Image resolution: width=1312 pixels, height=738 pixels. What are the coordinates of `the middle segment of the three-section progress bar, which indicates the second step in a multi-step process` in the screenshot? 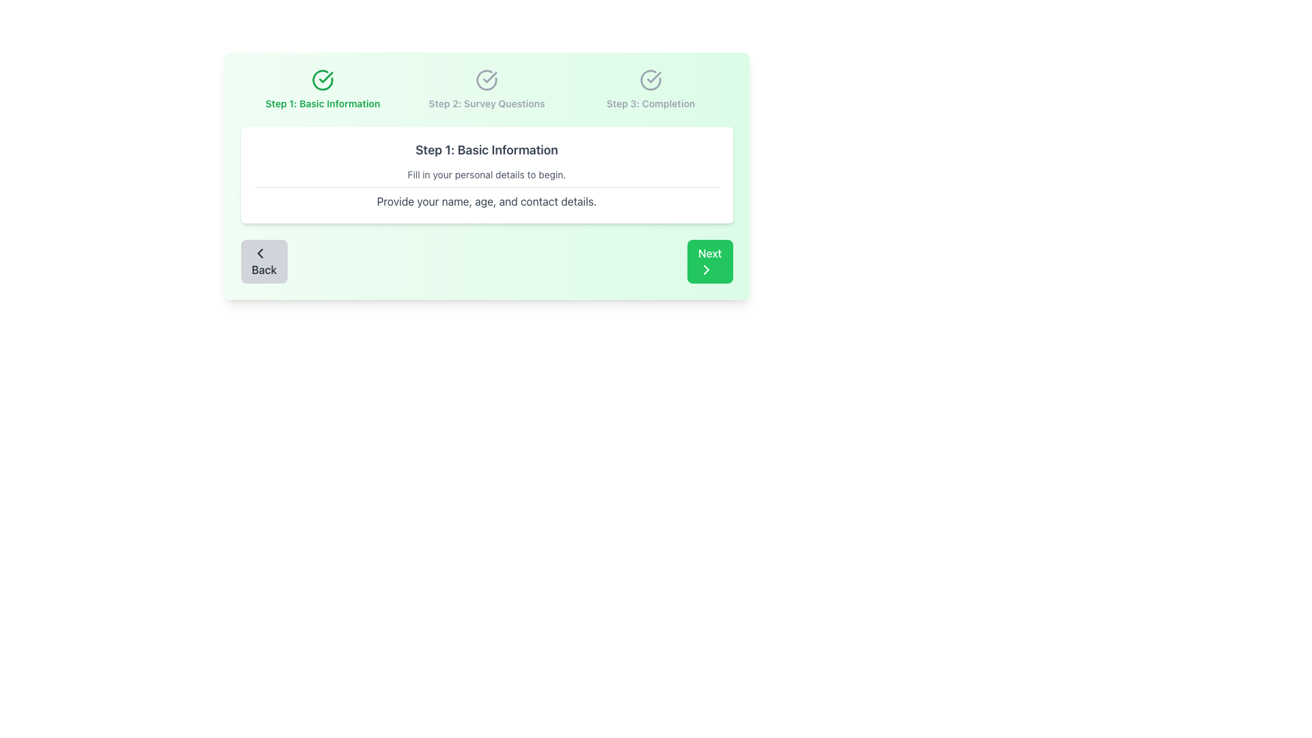 It's located at (487, 90).